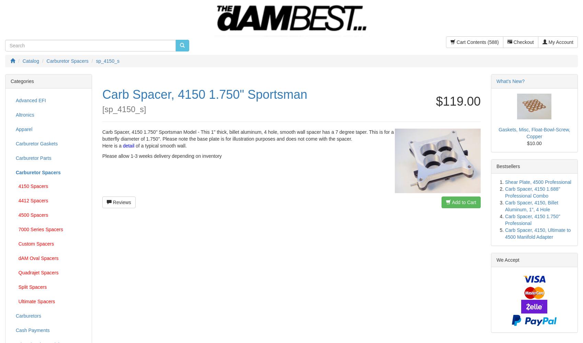  I want to click on 'Carb Spacer, 4150 1.750" Sportsman Model - This 1" thick, billet aluminum, 4 hole, smooth wall spacer has a 7 degree taper.  This is for a butterfly diameter of 1.750".  Please note the base plate is for illustration purposes and does not come with the spacer.', so click(101, 135).